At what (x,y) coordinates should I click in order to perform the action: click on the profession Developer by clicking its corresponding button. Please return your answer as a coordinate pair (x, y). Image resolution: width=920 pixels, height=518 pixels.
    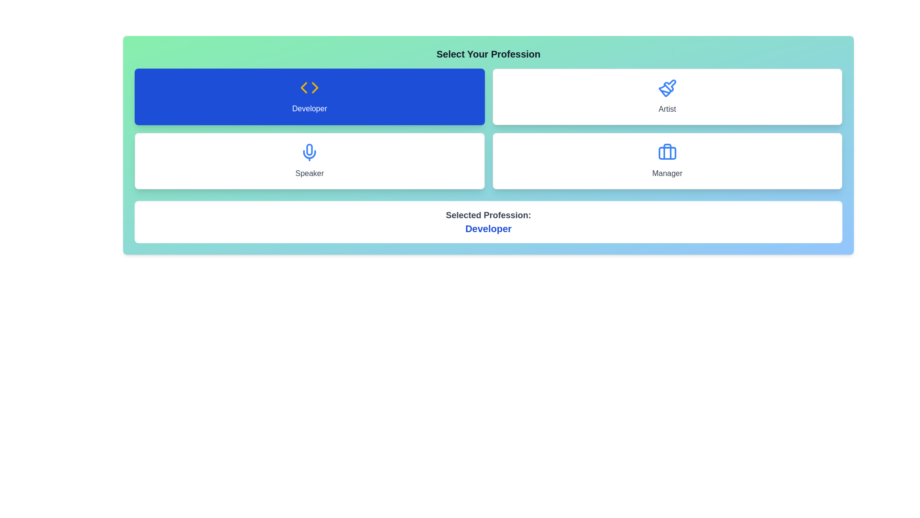
    Looking at the image, I should click on (310, 96).